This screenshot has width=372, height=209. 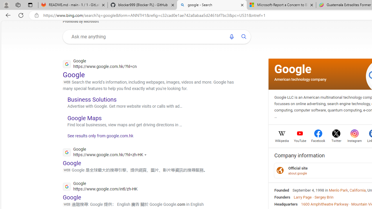 What do you see at coordinates (318, 140) in the screenshot?
I see `'Facebook'` at bounding box center [318, 140].